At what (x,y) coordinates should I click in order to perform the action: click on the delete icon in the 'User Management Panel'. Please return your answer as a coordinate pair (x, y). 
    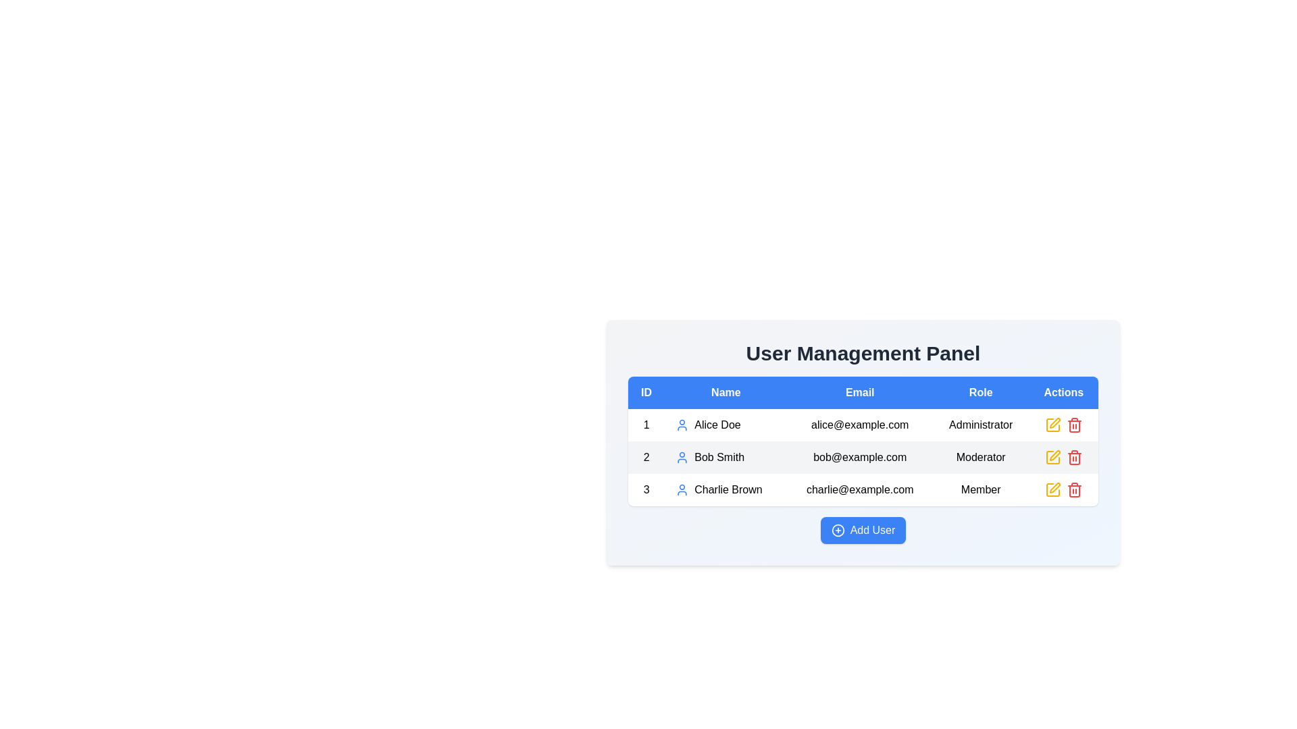
    Looking at the image, I should click on (1063, 489).